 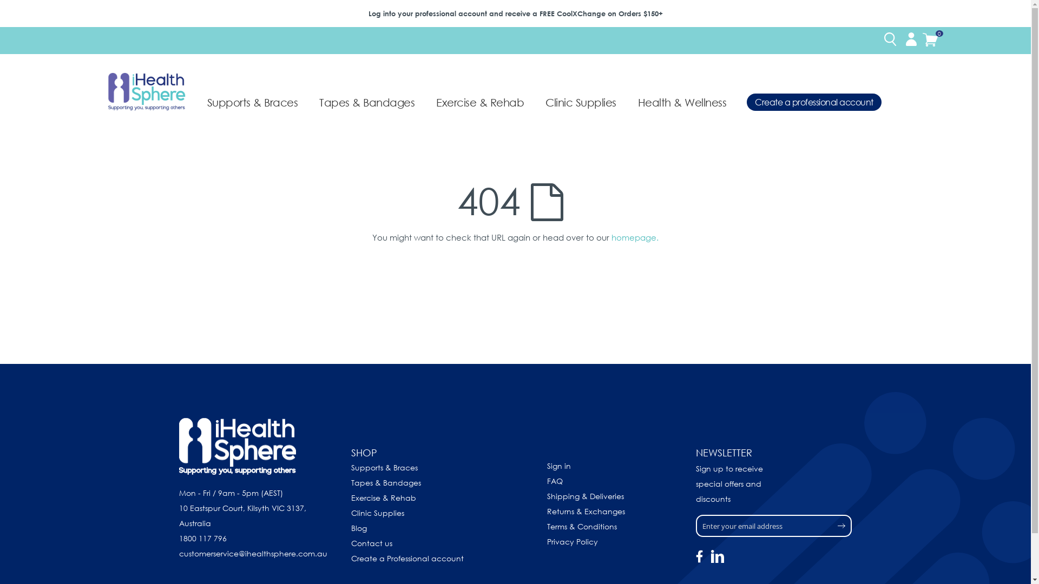 What do you see at coordinates (929, 40) in the screenshot?
I see `'Cart` at bounding box center [929, 40].